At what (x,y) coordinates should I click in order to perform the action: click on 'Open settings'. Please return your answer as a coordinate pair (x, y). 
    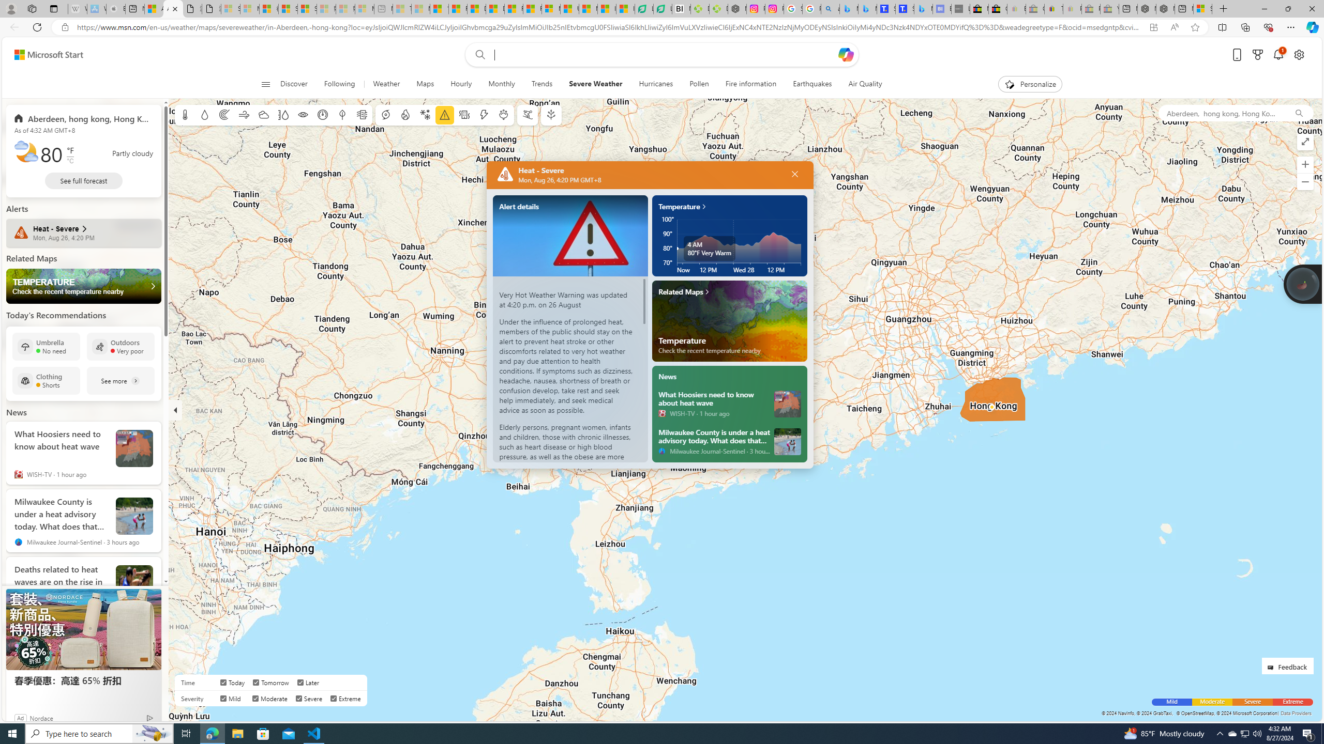
    Looking at the image, I should click on (1299, 55).